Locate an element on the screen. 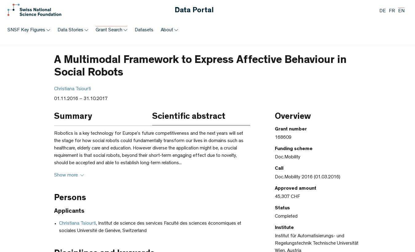 The image size is (415, 252). 'Data Stories' is located at coordinates (70, 30).